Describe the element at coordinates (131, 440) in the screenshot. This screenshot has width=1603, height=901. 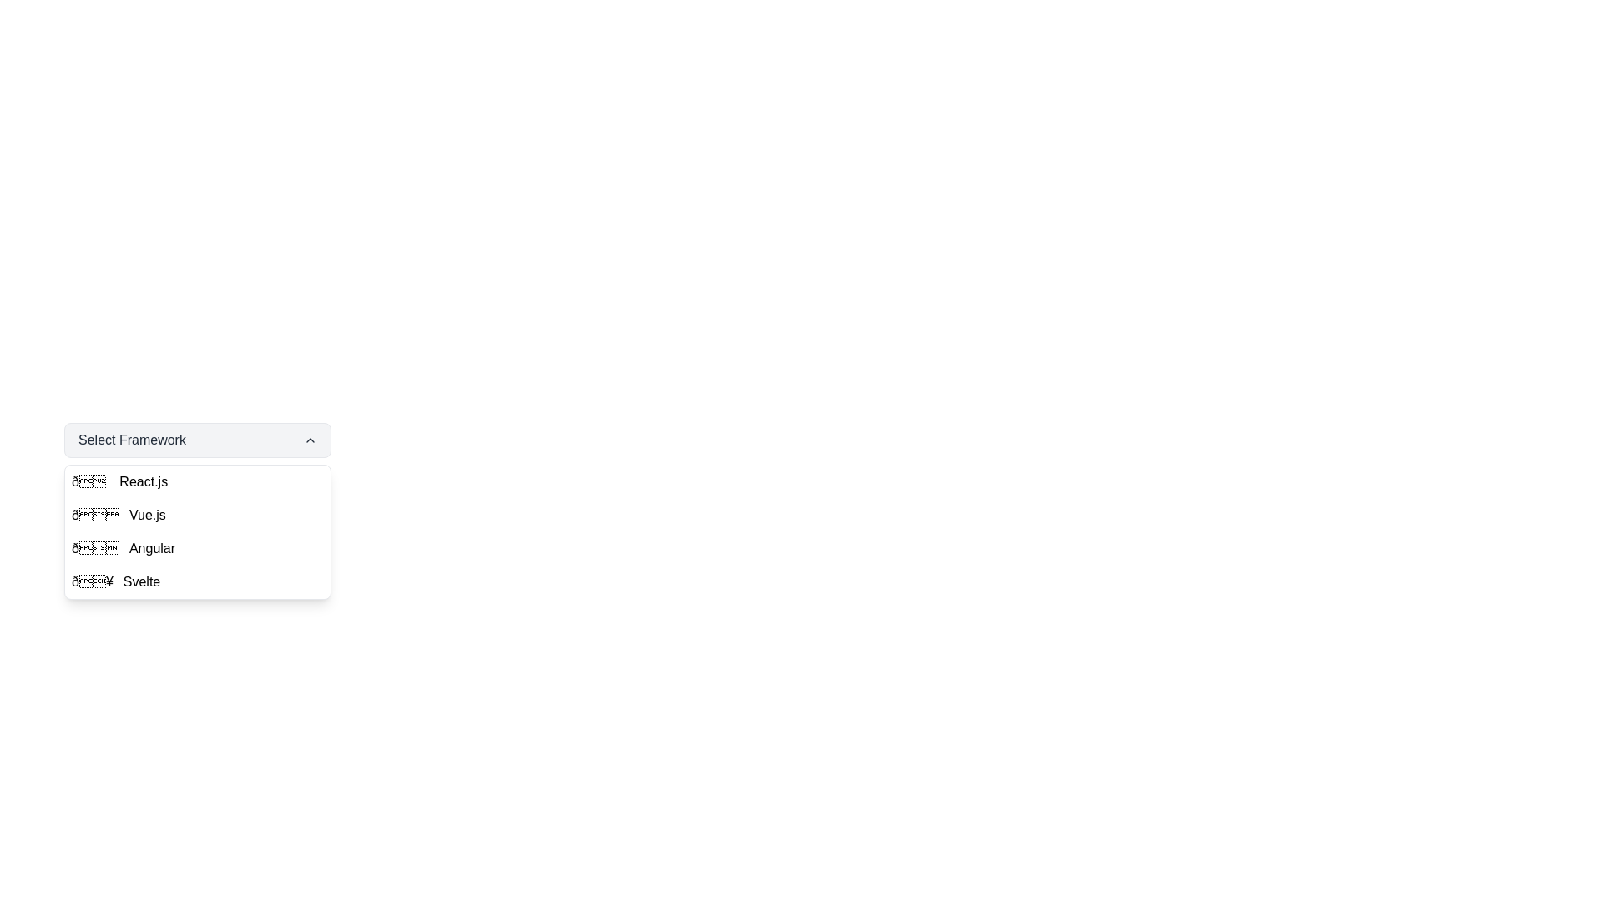
I see `the text label in the dropdown menu that indicates users should select a framework, to emphasize it` at that location.